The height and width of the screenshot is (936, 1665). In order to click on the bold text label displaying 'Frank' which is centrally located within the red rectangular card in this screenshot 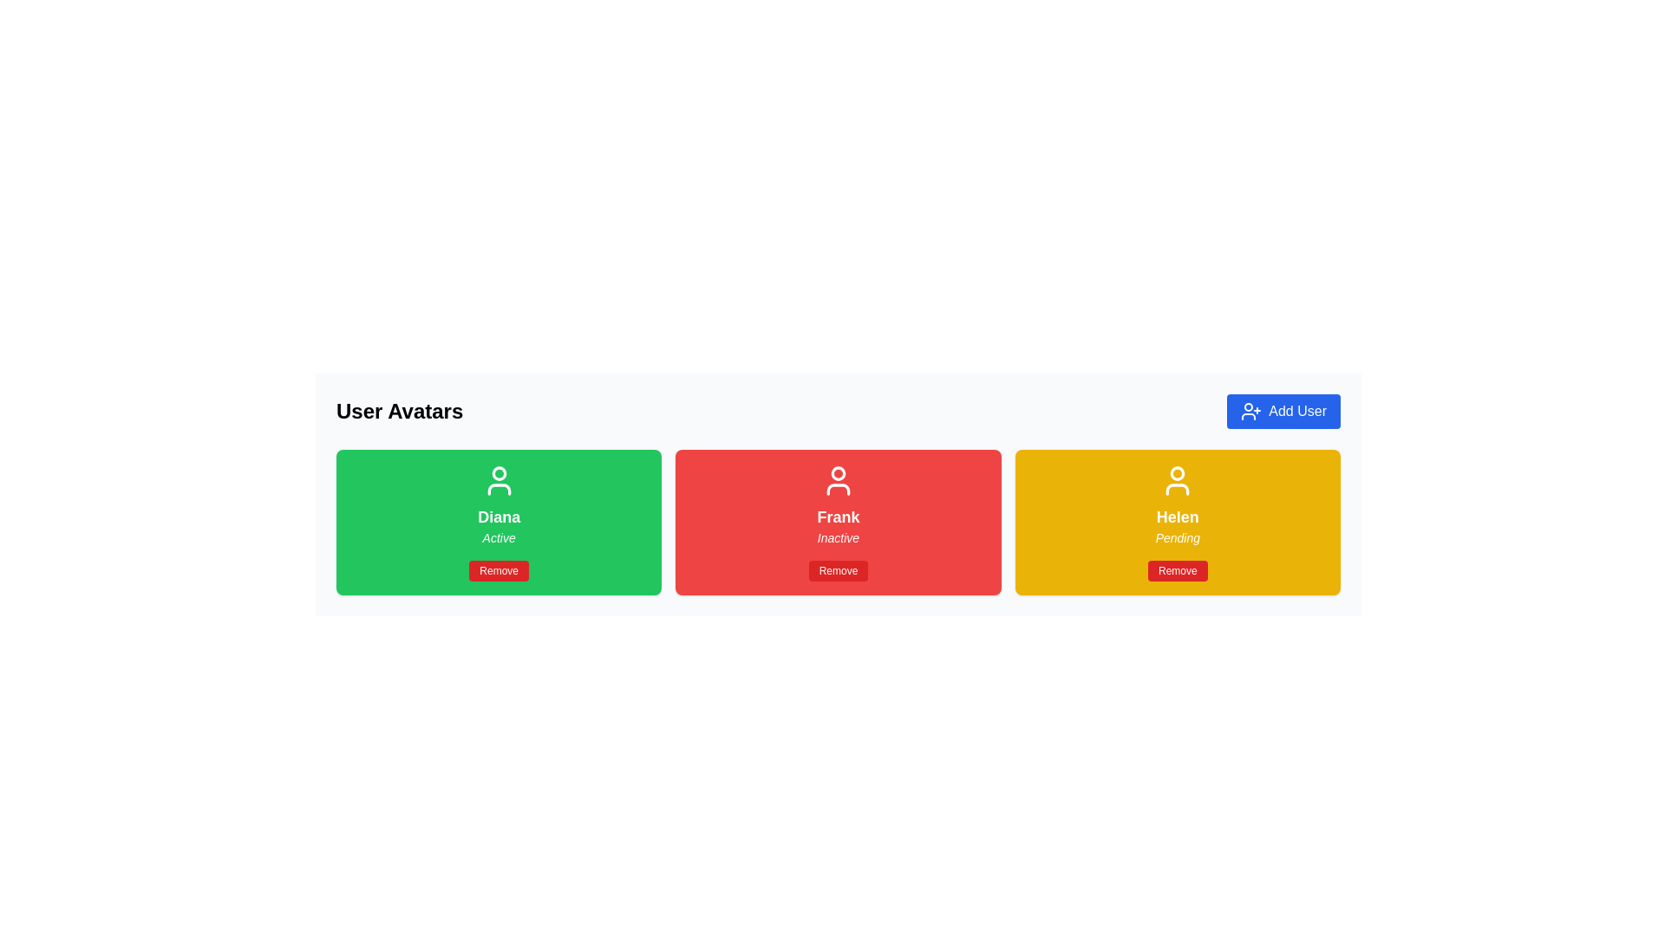, I will do `click(838, 517)`.